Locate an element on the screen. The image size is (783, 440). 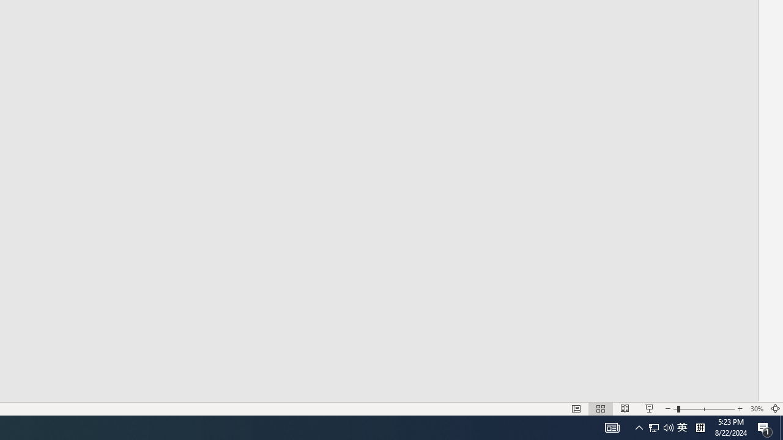
'Zoom 30%' is located at coordinates (756, 409).